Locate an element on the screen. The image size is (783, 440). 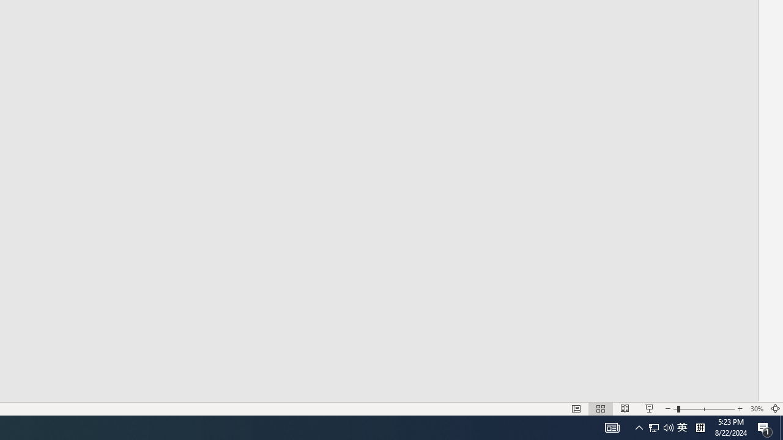
'Zoom 30%' is located at coordinates (756, 409).